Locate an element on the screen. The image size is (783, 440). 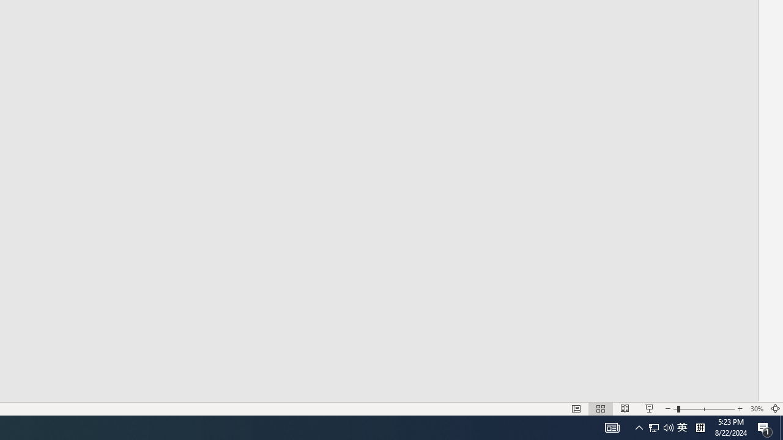
'Zoom 30%' is located at coordinates (756, 409).